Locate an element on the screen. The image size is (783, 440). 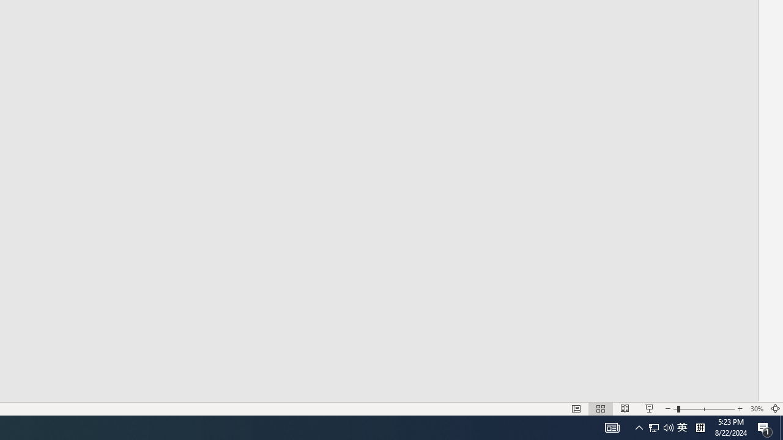
'Zoom 30%' is located at coordinates (756, 409).